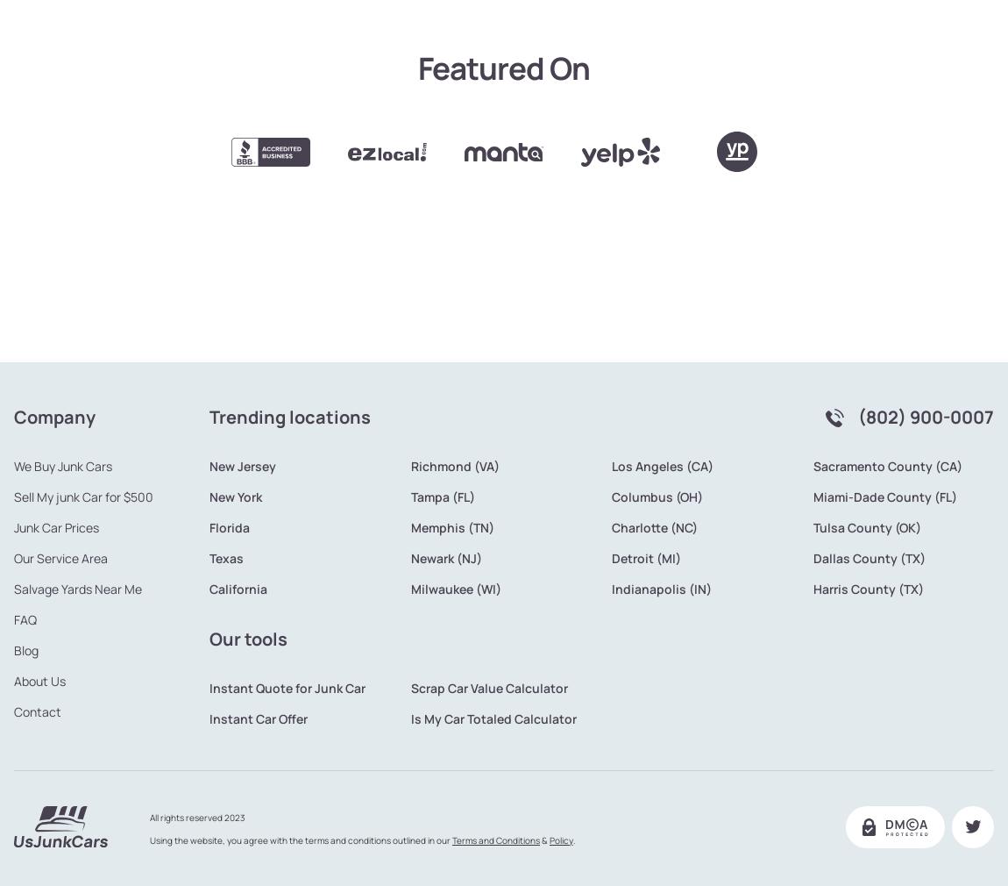 This screenshot has width=1008, height=886. I want to click on 'New York', so click(234, 438).